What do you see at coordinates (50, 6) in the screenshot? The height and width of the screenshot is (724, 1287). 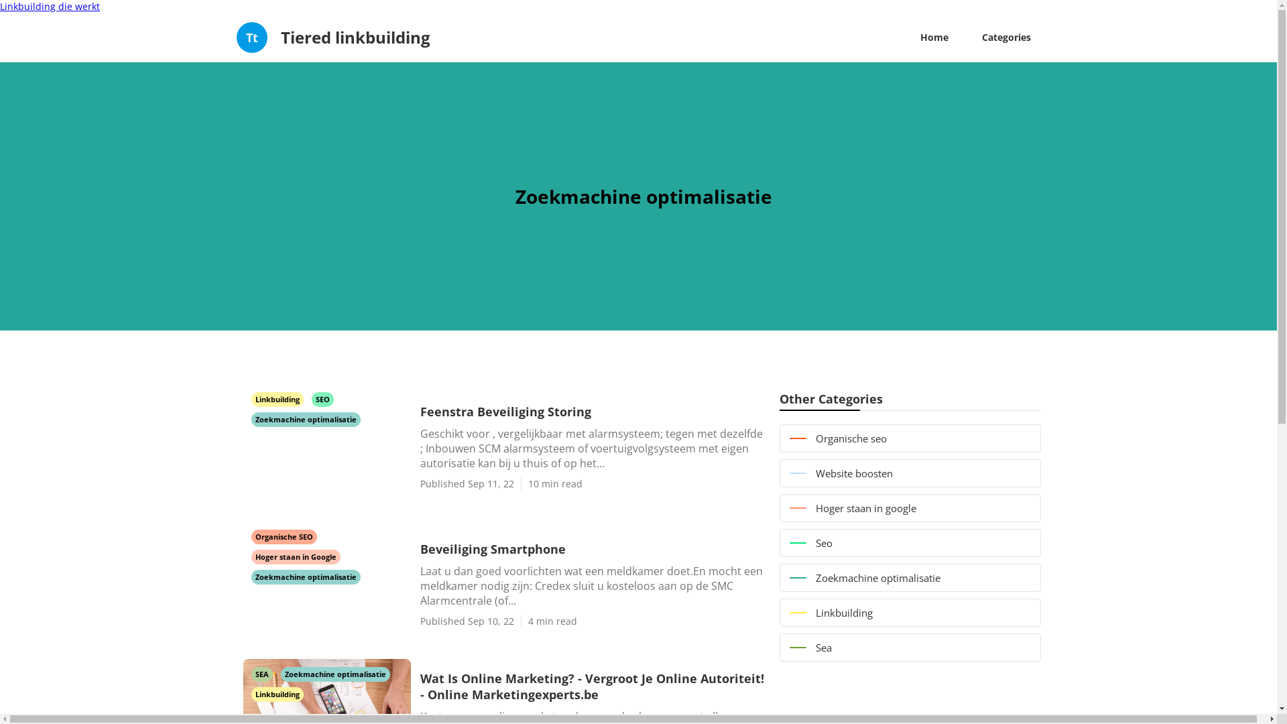 I see `'Linkbuilding die werkt'` at bounding box center [50, 6].